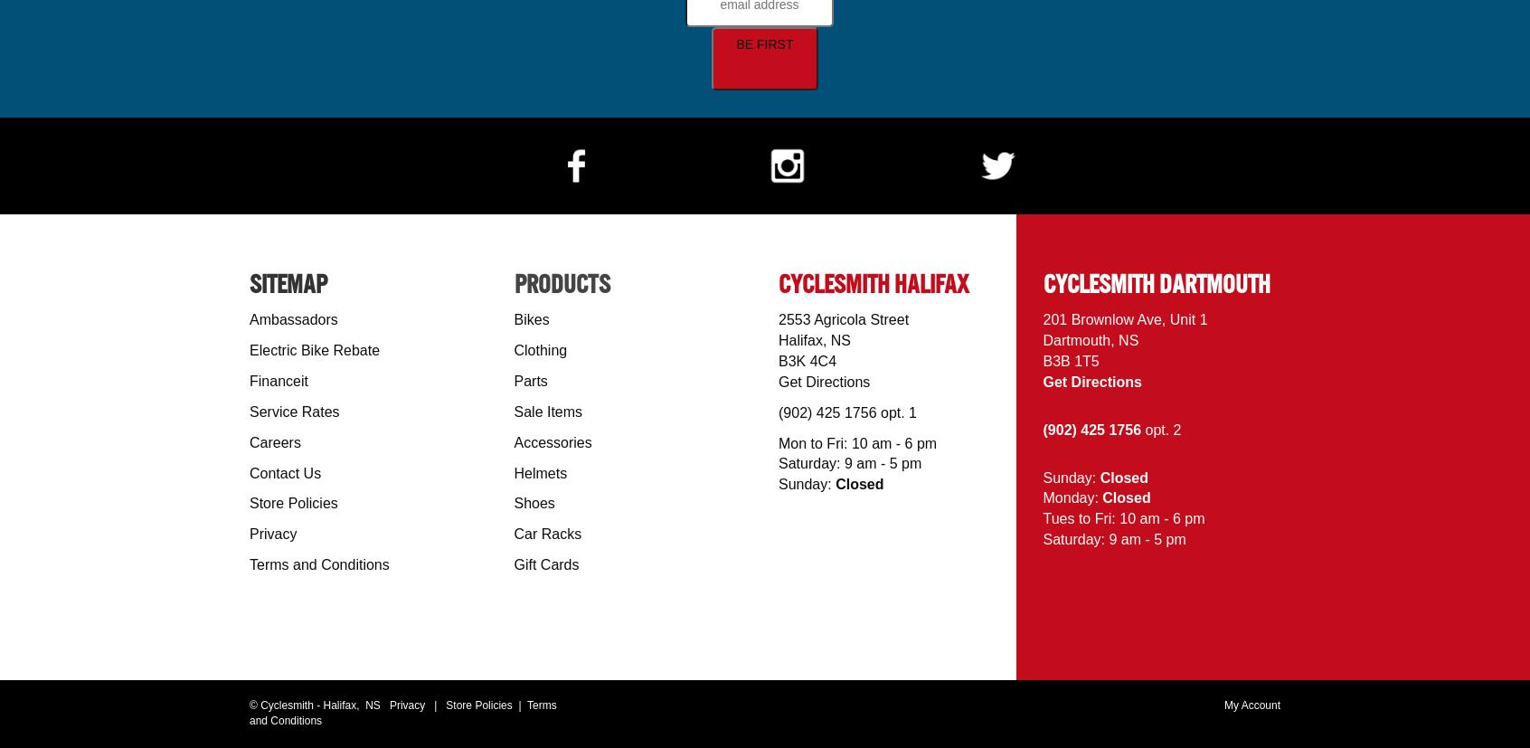 The height and width of the screenshot is (748, 1530). I want to click on 'Halifax, NS', so click(813, 339).